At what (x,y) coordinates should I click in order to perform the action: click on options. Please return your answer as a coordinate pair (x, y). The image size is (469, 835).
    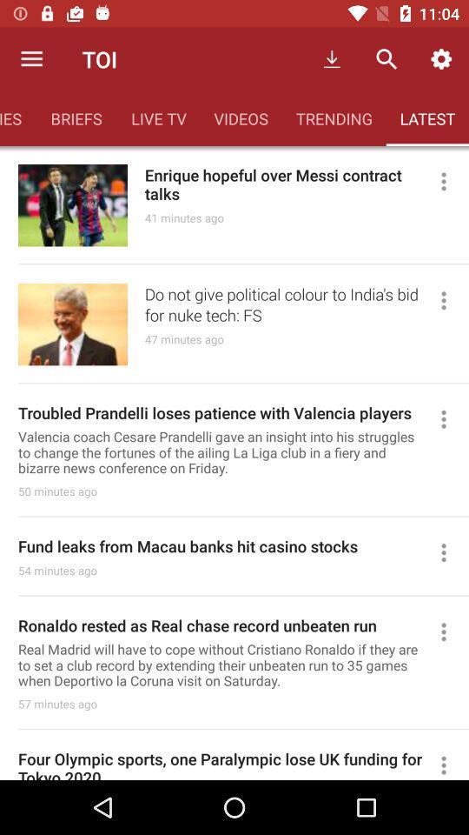
    Looking at the image, I should click on (451, 551).